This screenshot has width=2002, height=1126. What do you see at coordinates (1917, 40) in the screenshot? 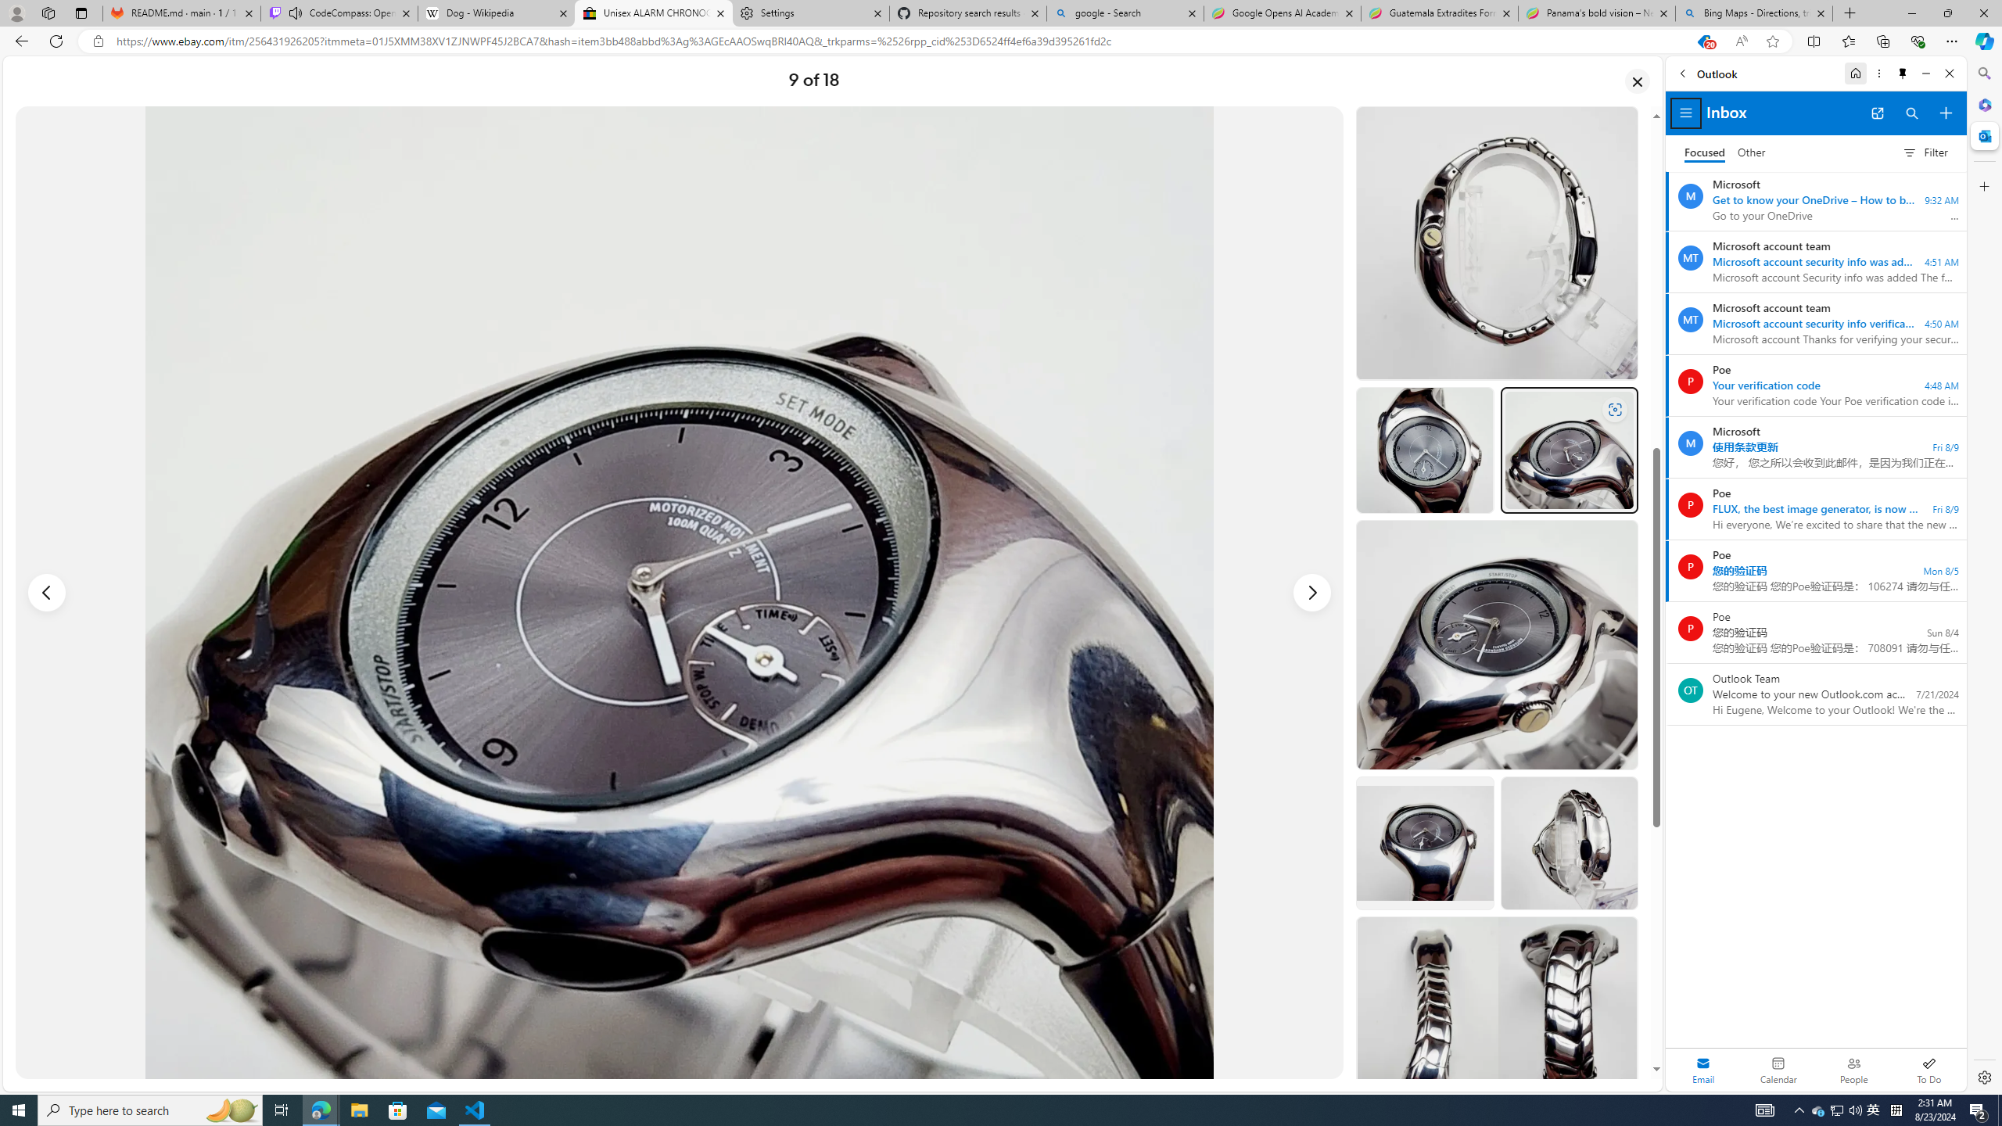
I see `'Browser essentials'` at bounding box center [1917, 40].